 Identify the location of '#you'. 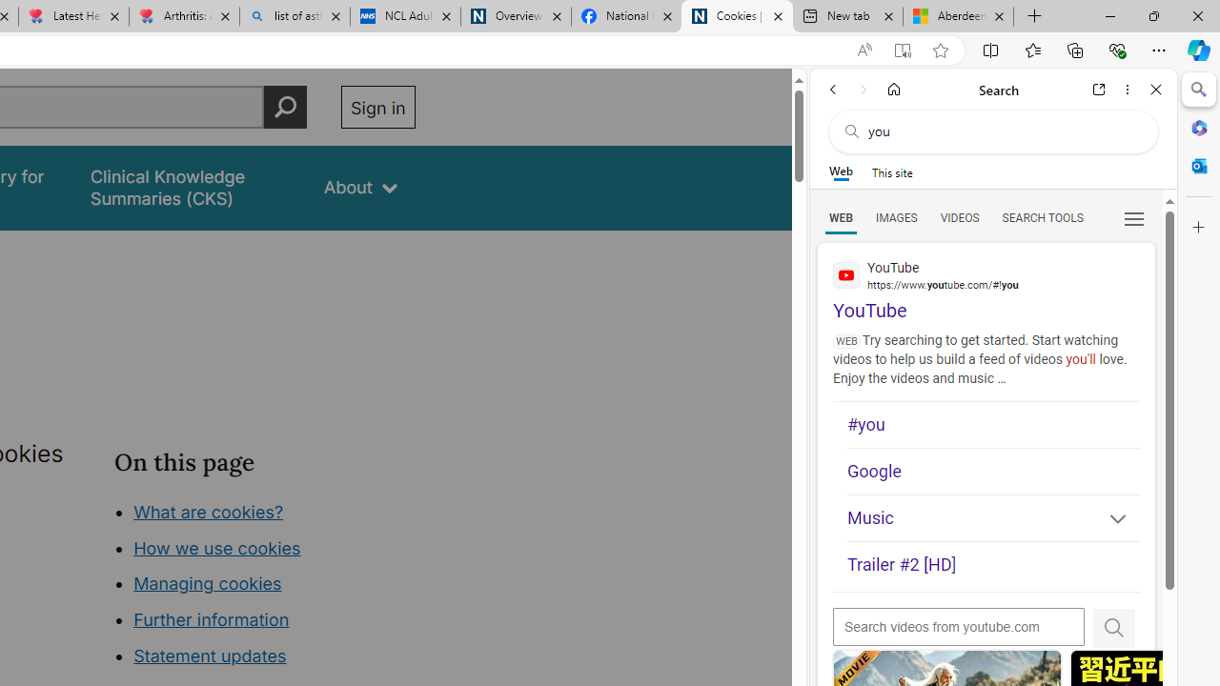
(992, 424).